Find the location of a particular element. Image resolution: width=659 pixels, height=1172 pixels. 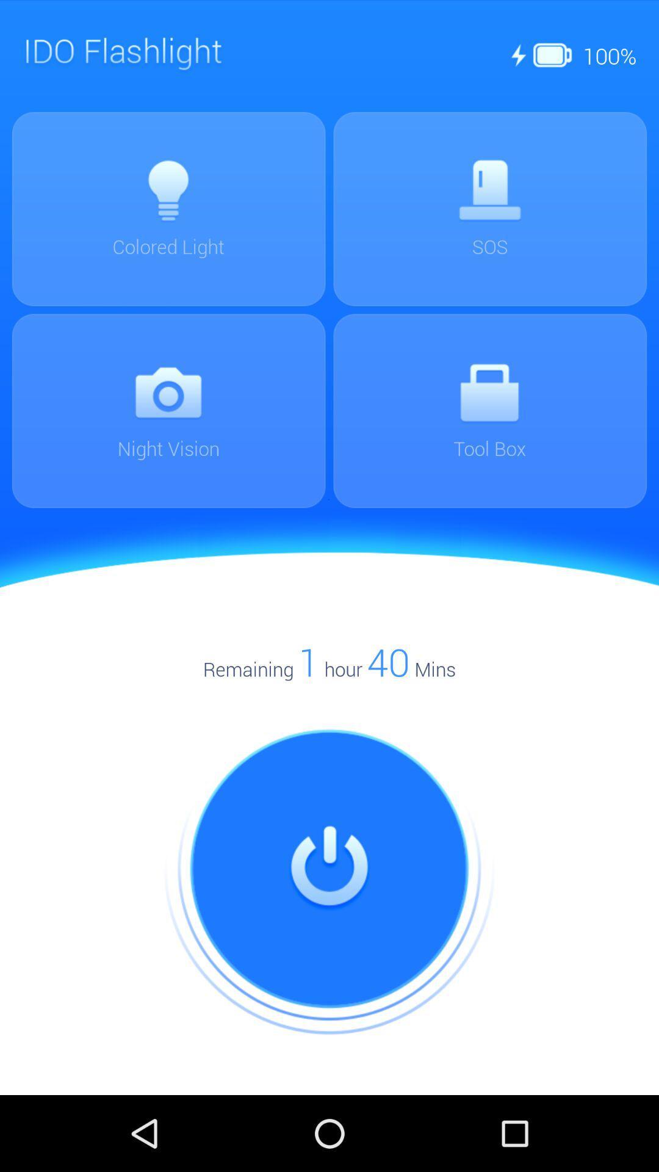

the icon above tool box is located at coordinates (489, 393).